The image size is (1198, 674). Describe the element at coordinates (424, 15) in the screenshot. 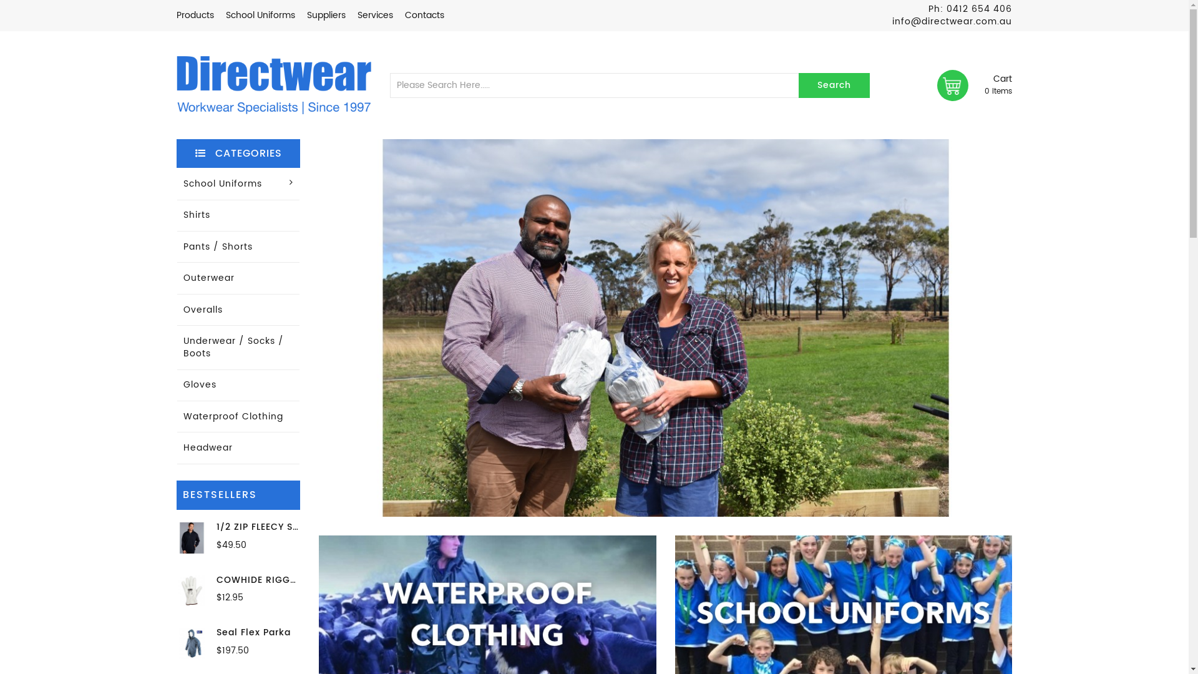

I see `'Contacts'` at that location.